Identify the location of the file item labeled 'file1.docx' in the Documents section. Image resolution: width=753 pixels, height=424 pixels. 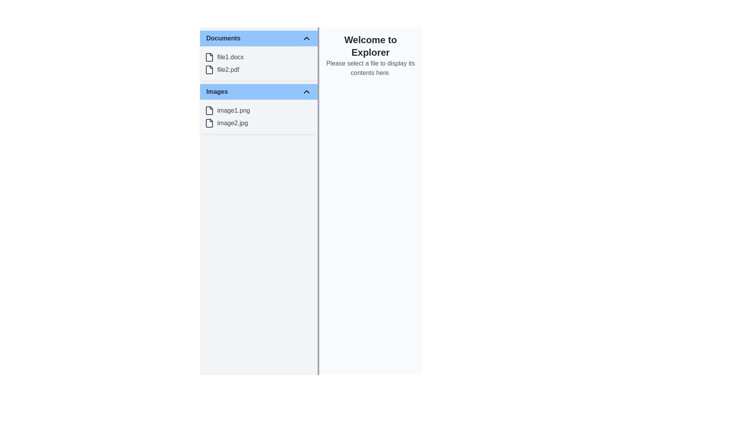
(259, 57).